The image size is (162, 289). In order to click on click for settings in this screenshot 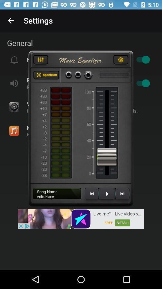, I will do `click(121, 61)`.